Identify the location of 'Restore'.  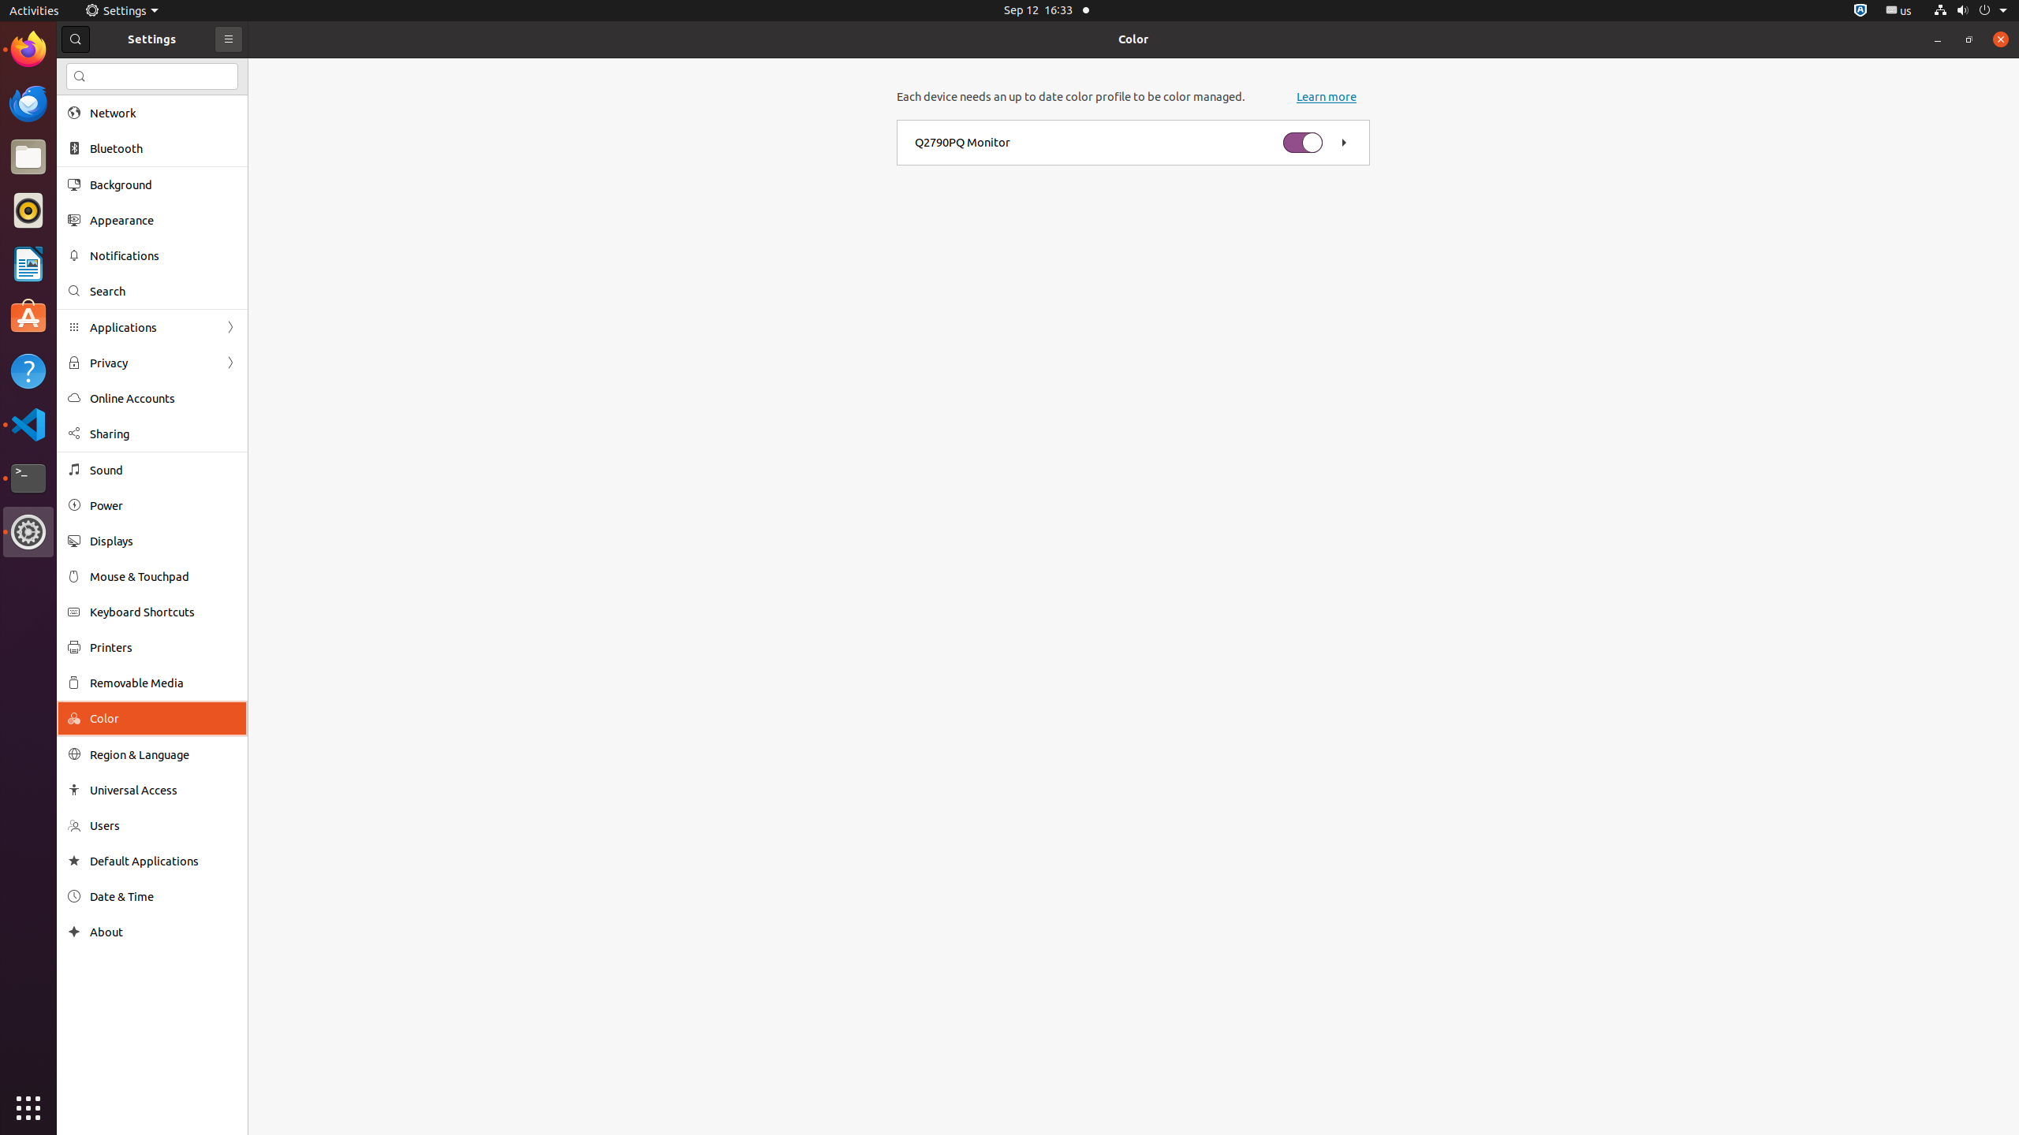
(1969, 39).